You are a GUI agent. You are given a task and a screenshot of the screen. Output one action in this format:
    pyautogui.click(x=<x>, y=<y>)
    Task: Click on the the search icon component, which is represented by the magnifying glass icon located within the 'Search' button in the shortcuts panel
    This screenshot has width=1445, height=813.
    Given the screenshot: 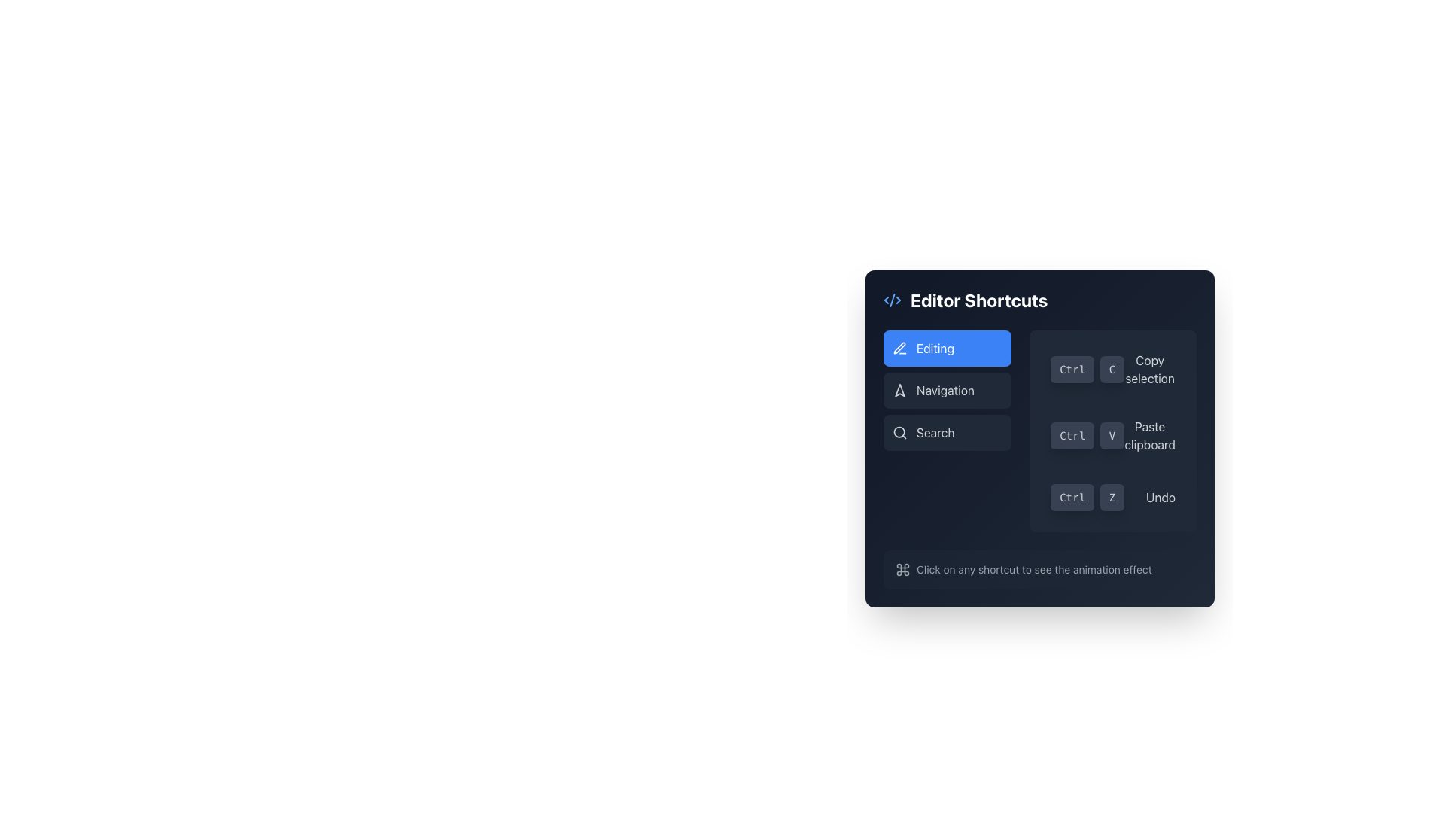 What is the action you would take?
    pyautogui.click(x=899, y=432)
    